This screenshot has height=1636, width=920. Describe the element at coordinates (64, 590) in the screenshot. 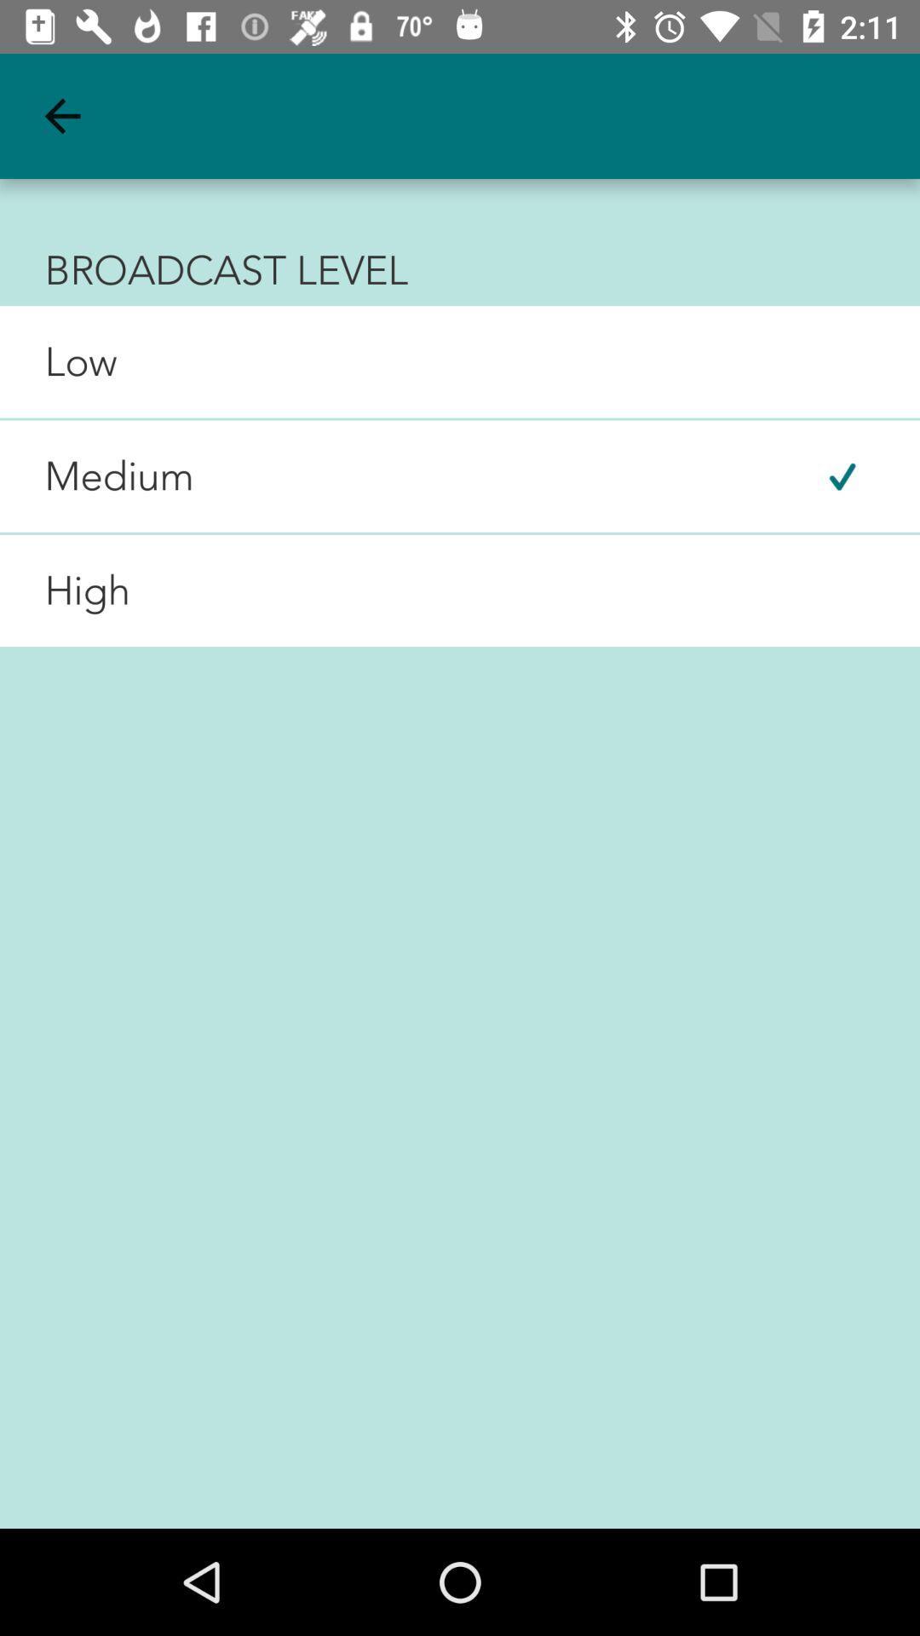

I see `the icon on the left` at that location.